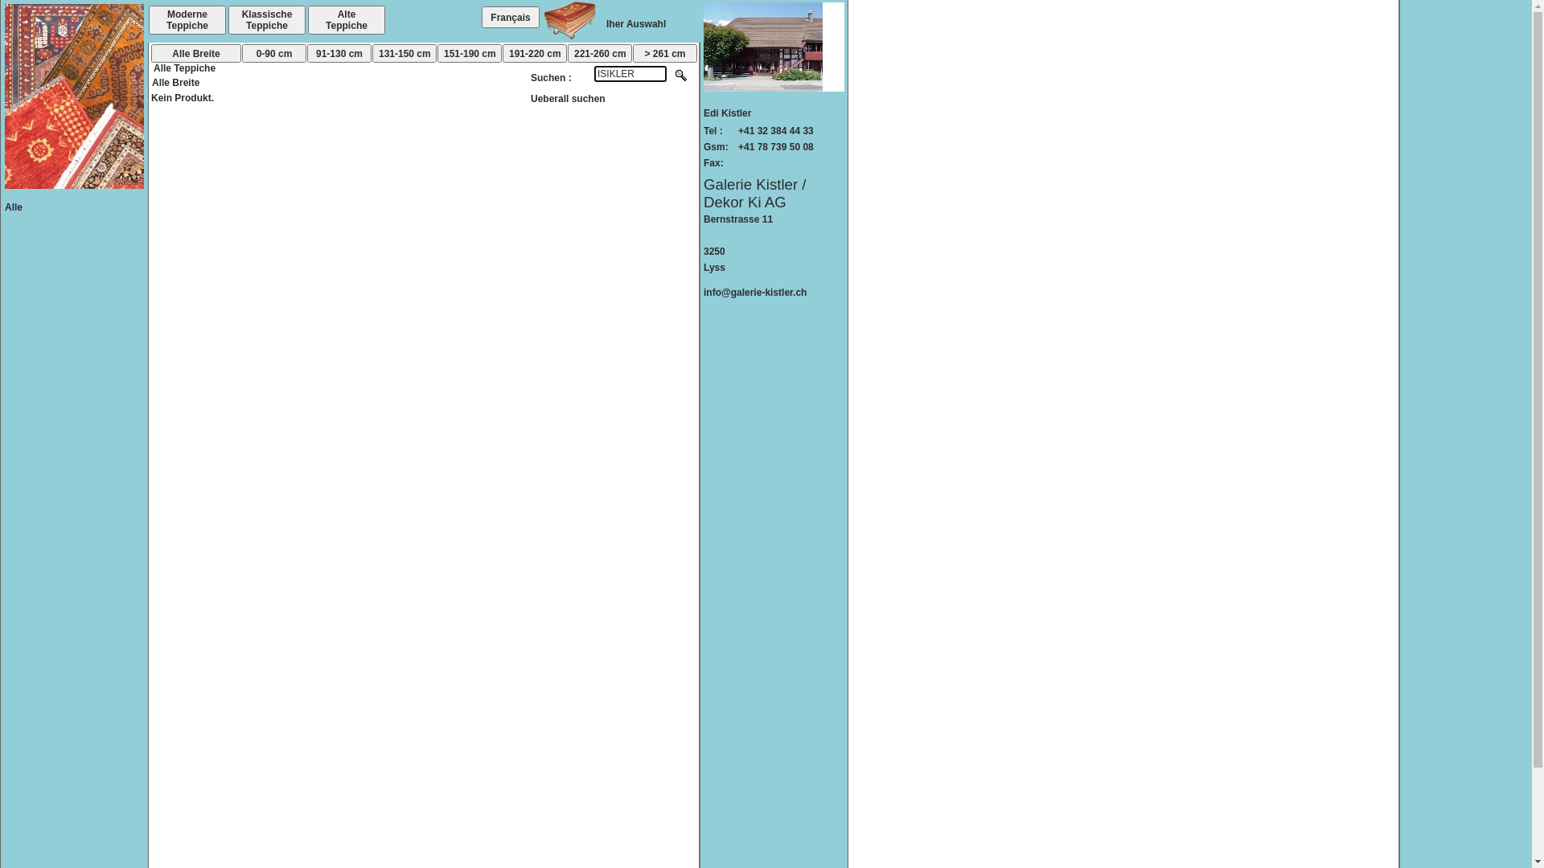 This screenshot has height=868, width=1544. What do you see at coordinates (195, 52) in the screenshot?
I see `'Alle Breite'` at bounding box center [195, 52].